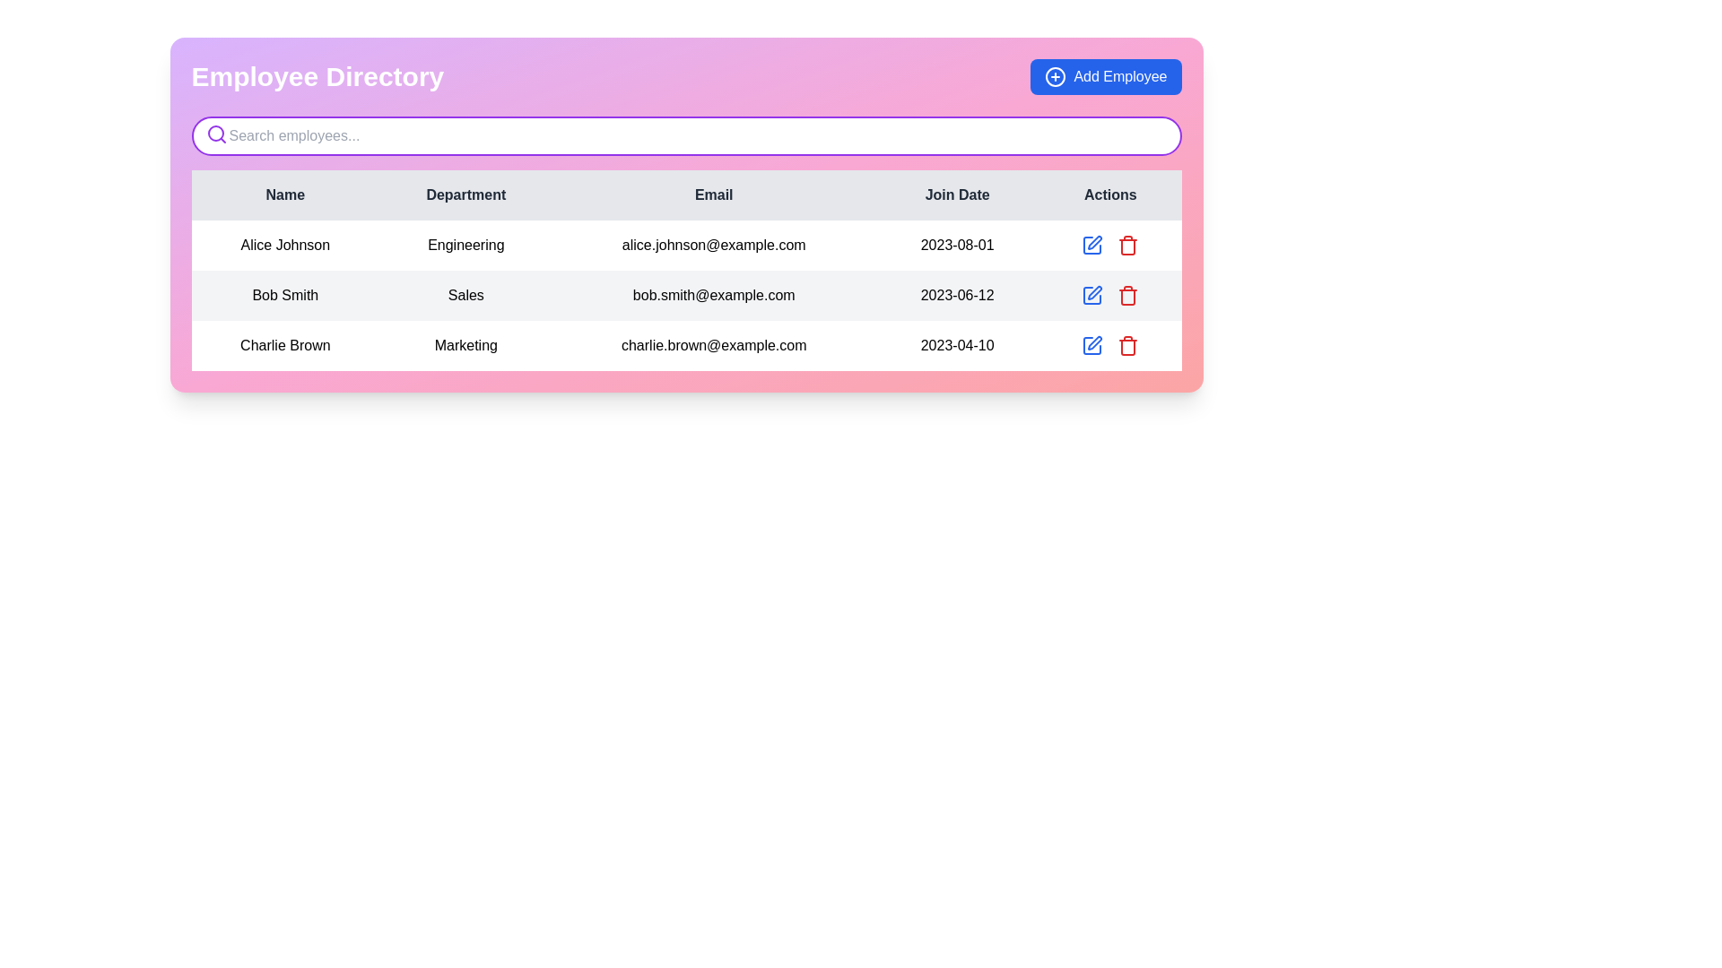 The width and height of the screenshot is (1722, 968). What do you see at coordinates (956, 345) in the screenshot?
I see `the text label displaying the date '2023-04-10' located in the fourth column of the last row corresponding to 'Charlie Brown'` at bounding box center [956, 345].